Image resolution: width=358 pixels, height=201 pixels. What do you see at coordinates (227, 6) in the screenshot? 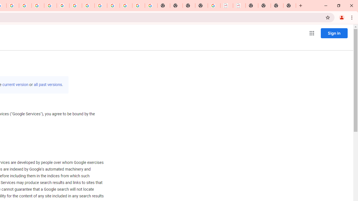
I see `'LAAD Defence & Security 2025 | BAE Systems'` at bounding box center [227, 6].